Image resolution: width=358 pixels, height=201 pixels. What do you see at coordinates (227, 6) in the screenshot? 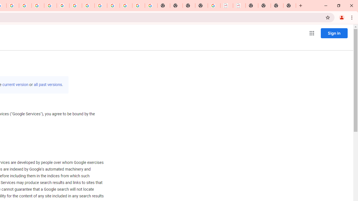
I see `'LAAD Defence & Security 2025 | BAE Systems'` at bounding box center [227, 6].